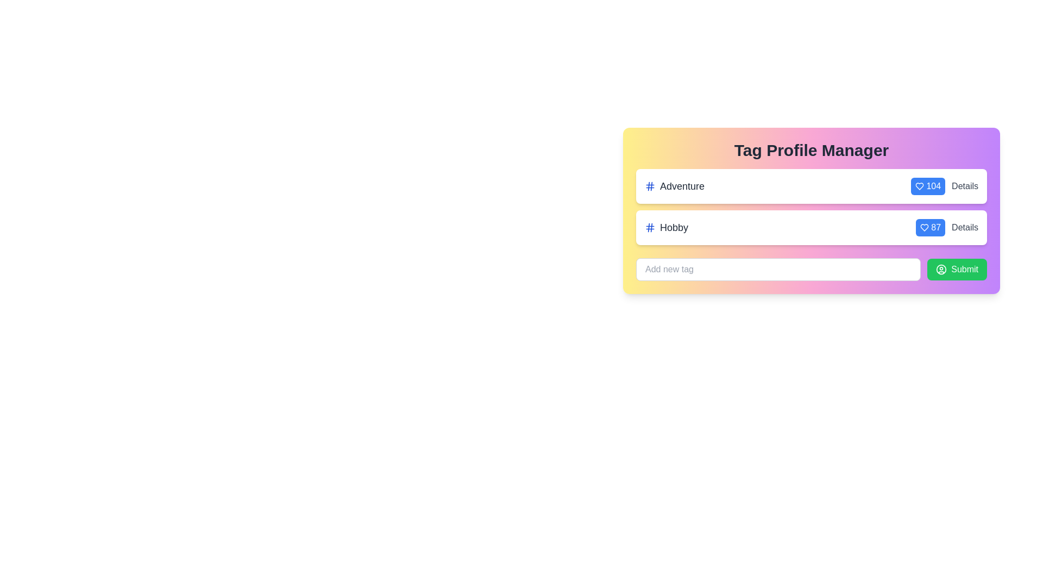  I want to click on the Header or Title Text that indicates the focus on managing tag profiles, located at the top-center of a colored box with rounded edges and a gradient background, so click(811, 151).